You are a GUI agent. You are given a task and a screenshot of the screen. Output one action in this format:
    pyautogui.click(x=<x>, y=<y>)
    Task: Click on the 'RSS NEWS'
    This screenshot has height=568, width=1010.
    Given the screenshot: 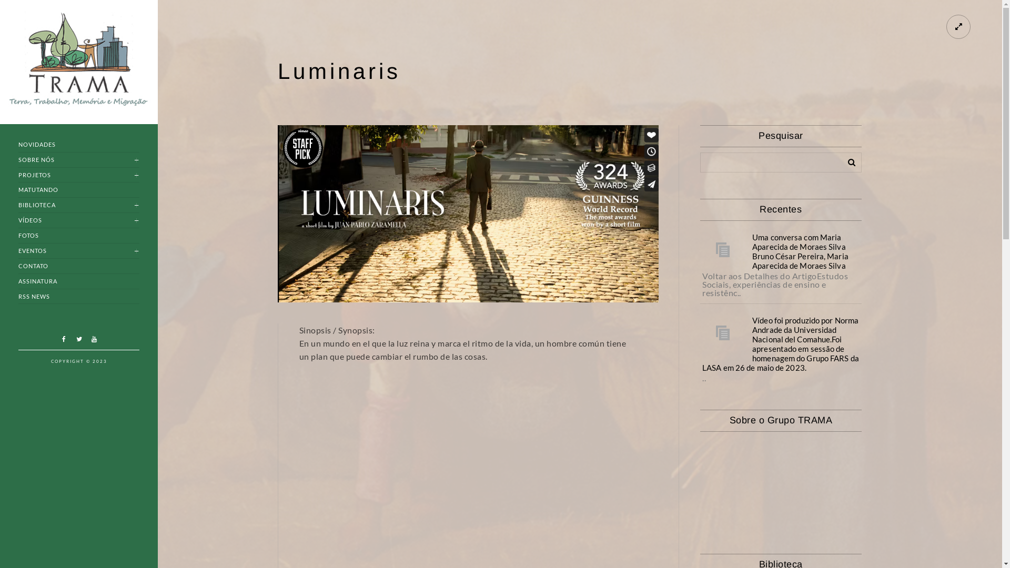 What is the action you would take?
    pyautogui.click(x=78, y=297)
    